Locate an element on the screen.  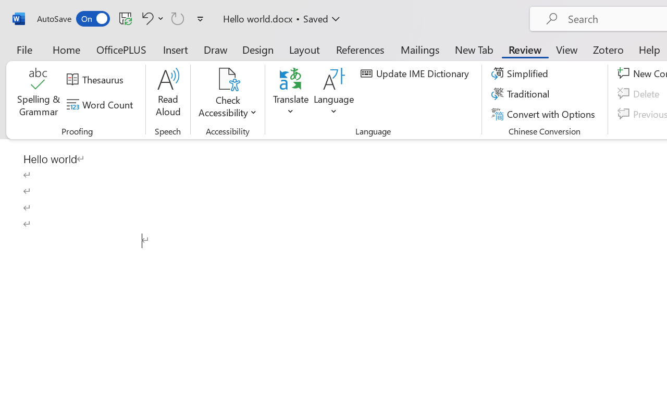
'AutoSave' is located at coordinates (72, 18).